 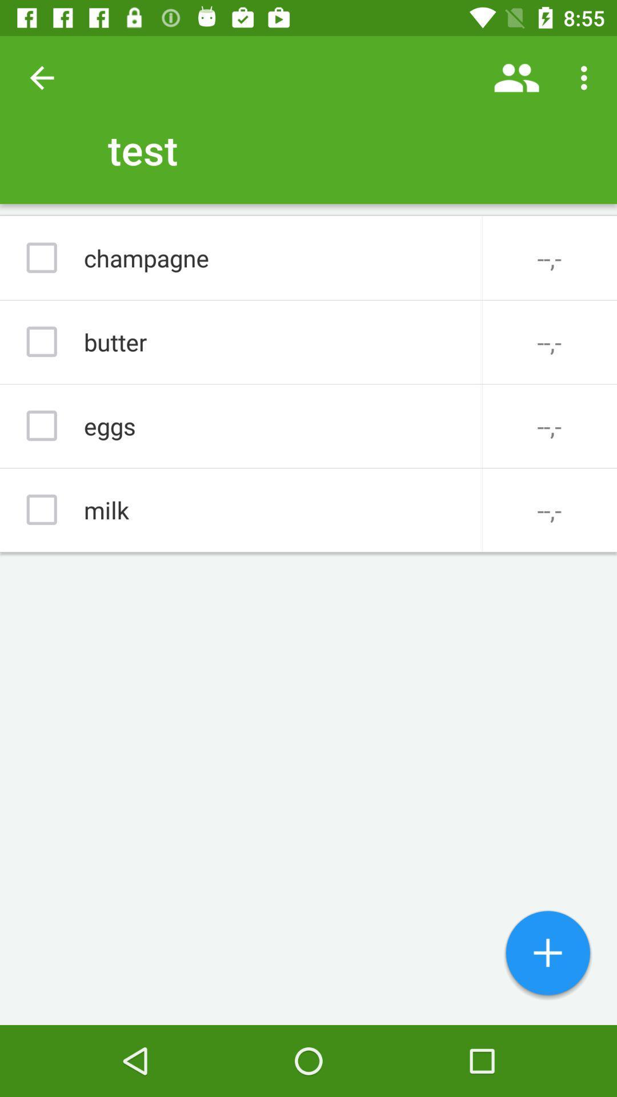 What do you see at coordinates (516, 77) in the screenshot?
I see `icon next to test icon` at bounding box center [516, 77].